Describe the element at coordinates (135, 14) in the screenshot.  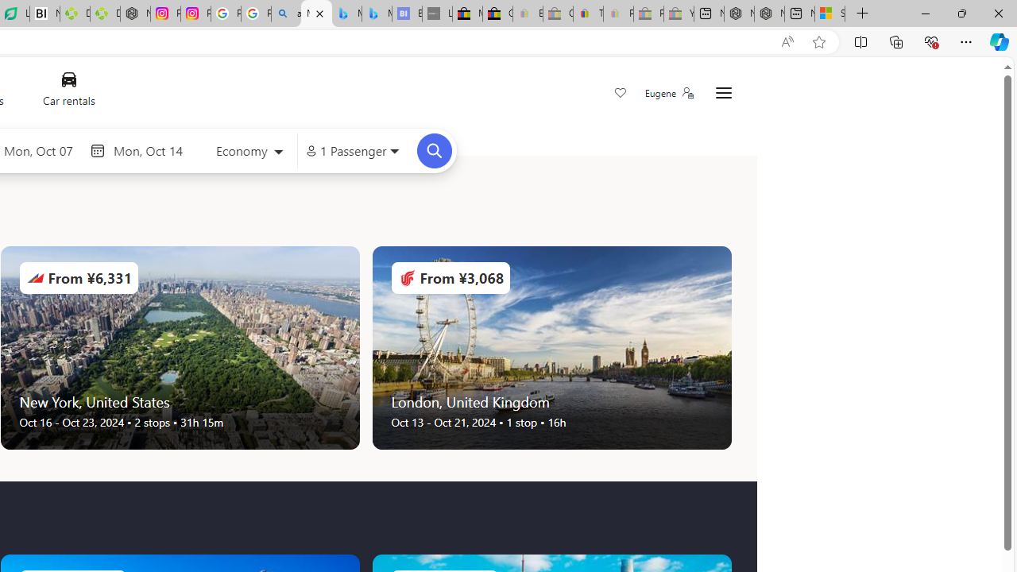
I see `'Nordace - Nordace Edin Collection'` at that location.